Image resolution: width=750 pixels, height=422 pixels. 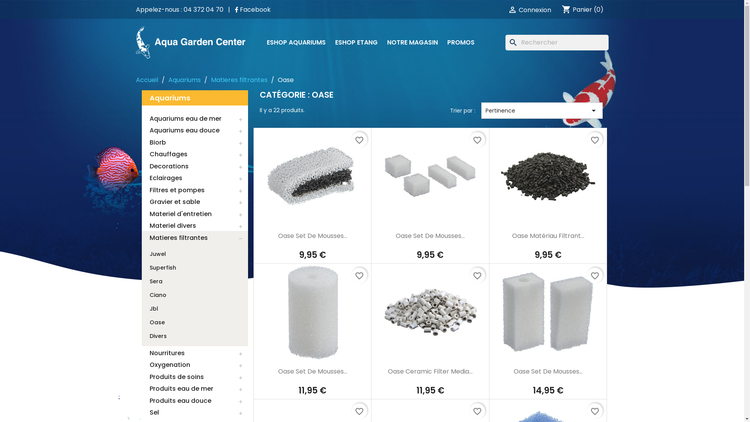 What do you see at coordinates (195, 97) in the screenshot?
I see `'Aquariums'` at bounding box center [195, 97].